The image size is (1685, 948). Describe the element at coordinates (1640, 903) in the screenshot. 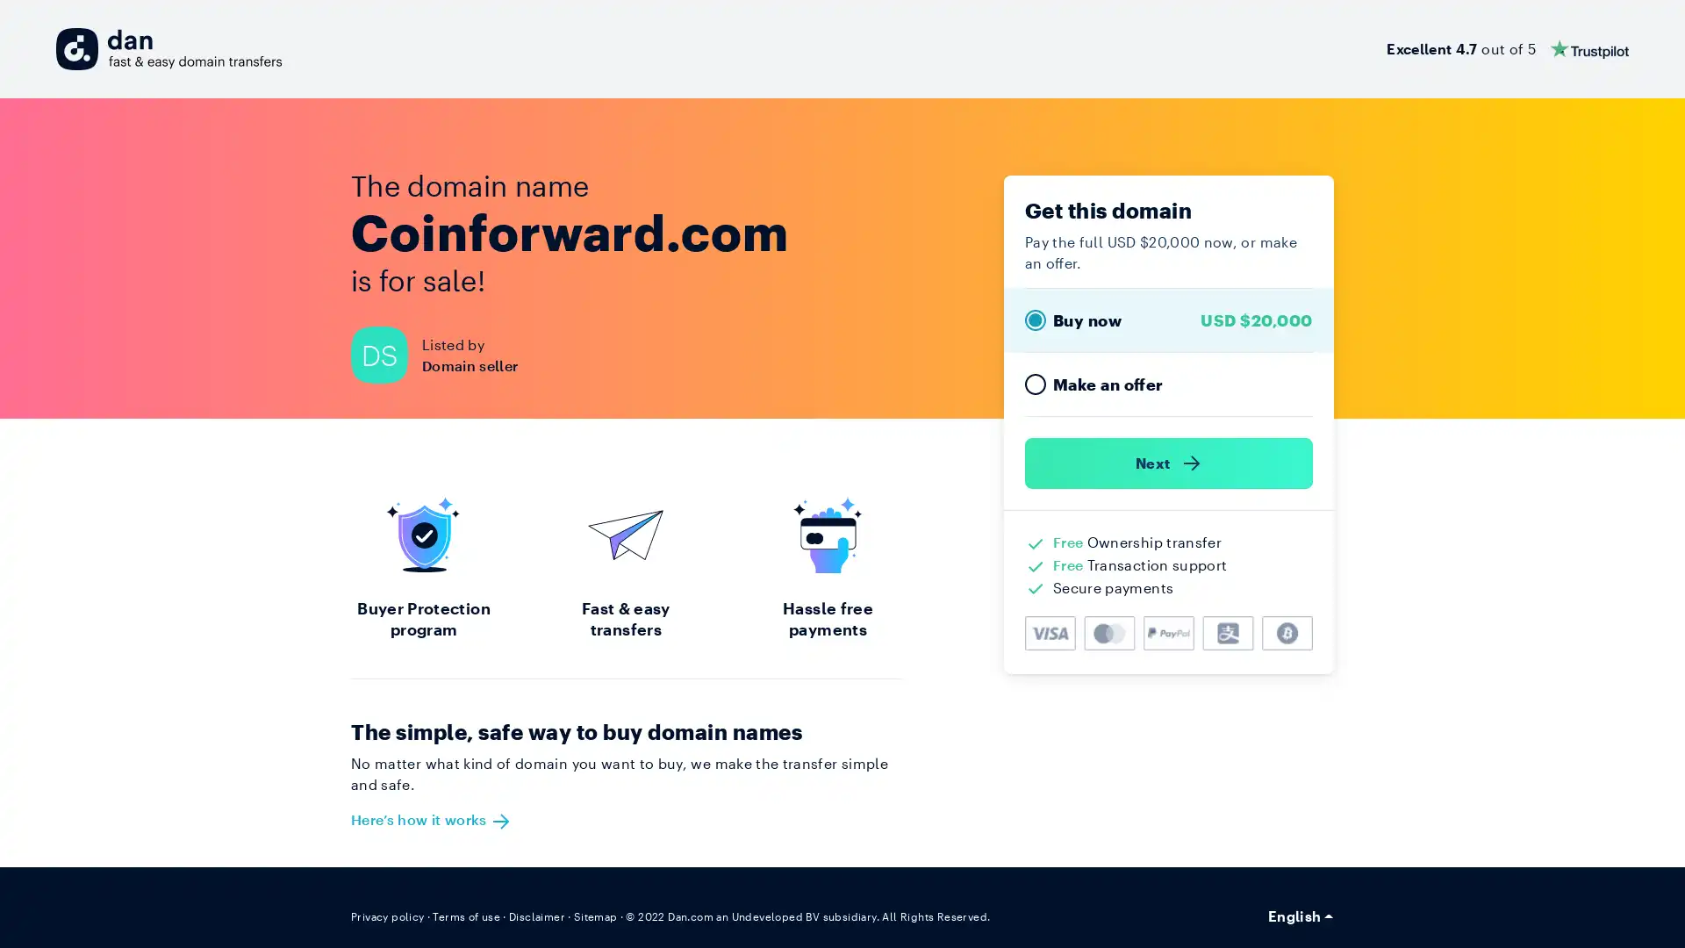

I see `Open Intercom Messenger` at that location.